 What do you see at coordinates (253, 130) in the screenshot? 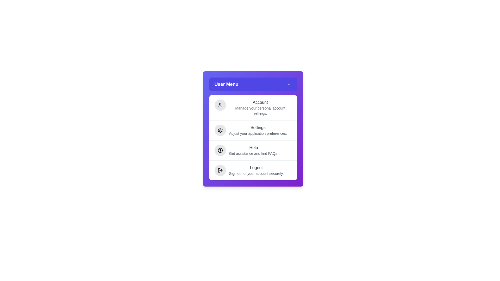
I see `the menu item Settings from the menu` at bounding box center [253, 130].